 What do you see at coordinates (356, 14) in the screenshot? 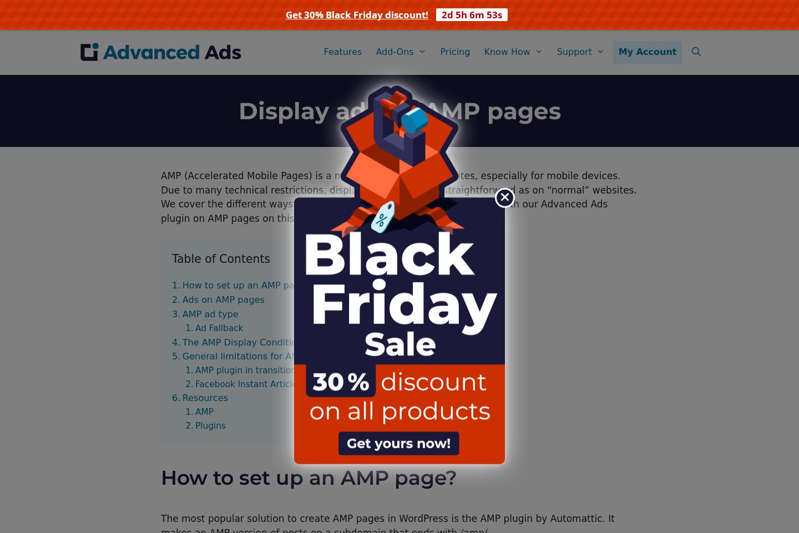
I see `'Get 30% Black Friday discount!'` at bounding box center [356, 14].